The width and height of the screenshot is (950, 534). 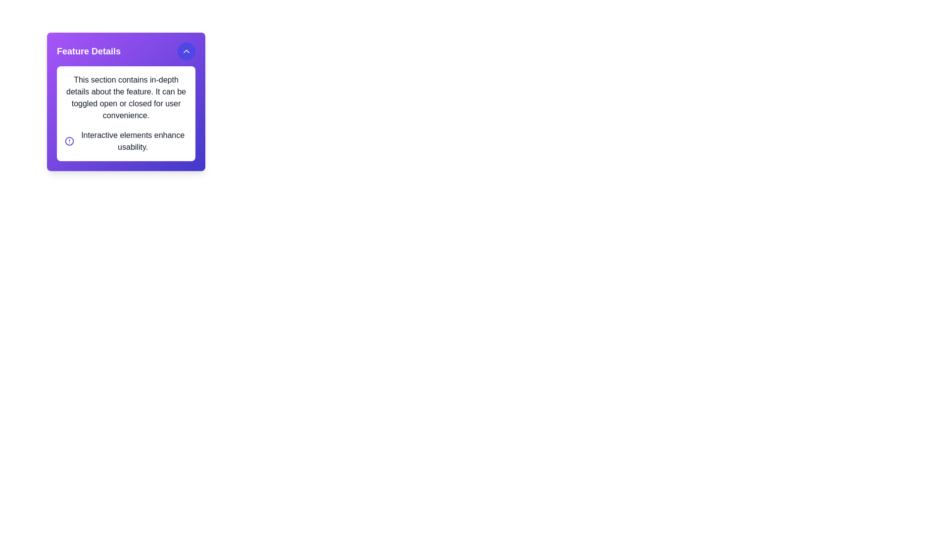 What do you see at coordinates (187, 51) in the screenshot?
I see `the circular button with an indigo background and a white upward-facing chevron icon located at the top-right corner of the 'Feature Details' card to trigger the hover effect` at bounding box center [187, 51].